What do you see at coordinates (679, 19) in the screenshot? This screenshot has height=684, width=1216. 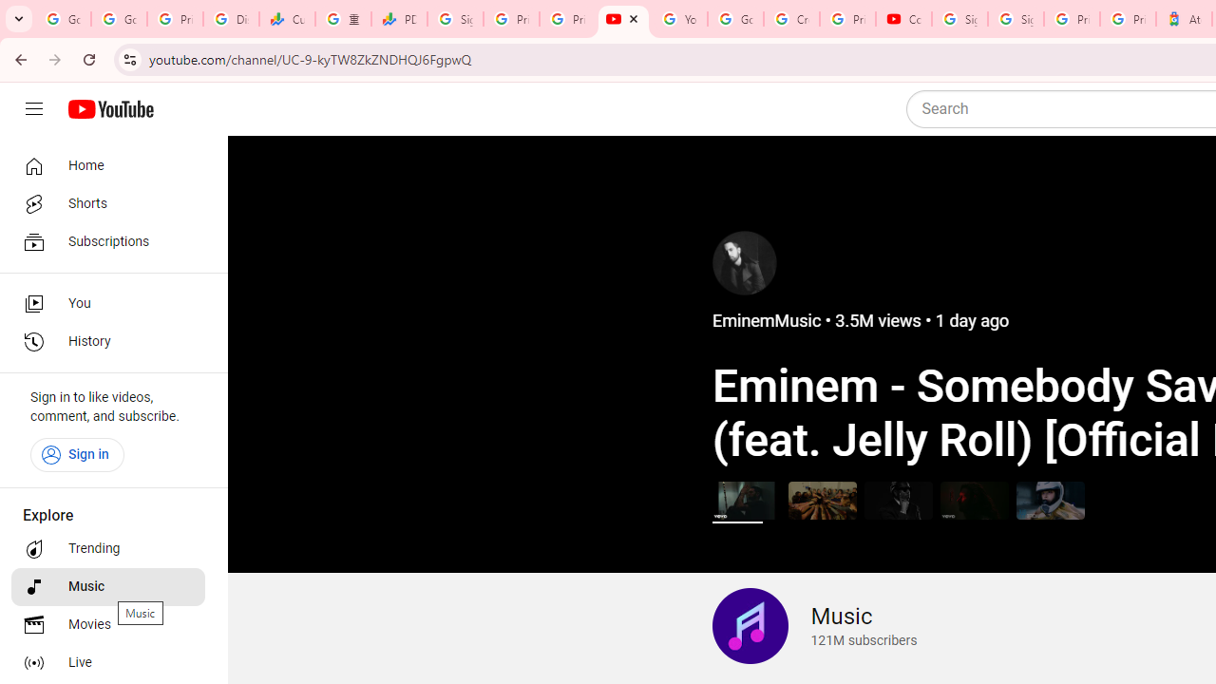 I see `'YouTube'` at bounding box center [679, 19].